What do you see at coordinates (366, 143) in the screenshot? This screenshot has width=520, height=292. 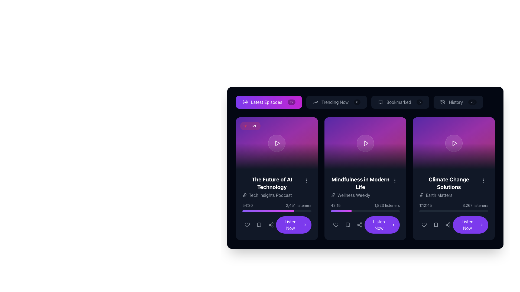 I see `the play icon button, which is a triangular shape with a white border located centrally within a circular button with a blurred, semi-transparent dark background` at bounding box center [366, 143].